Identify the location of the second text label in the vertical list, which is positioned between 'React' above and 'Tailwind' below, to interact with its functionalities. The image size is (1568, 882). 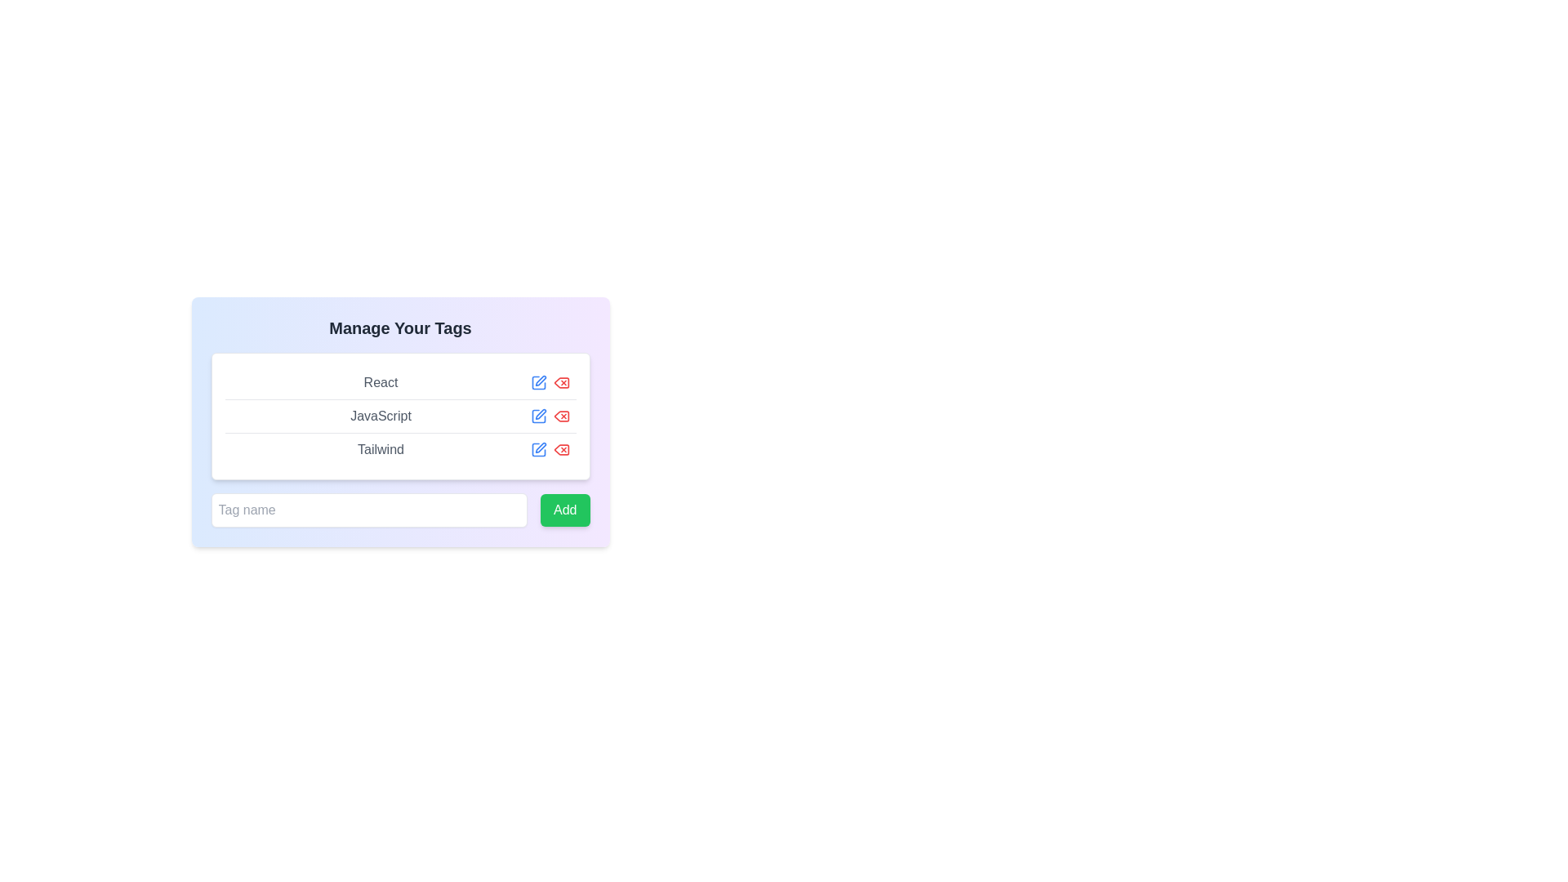
(400, 421).